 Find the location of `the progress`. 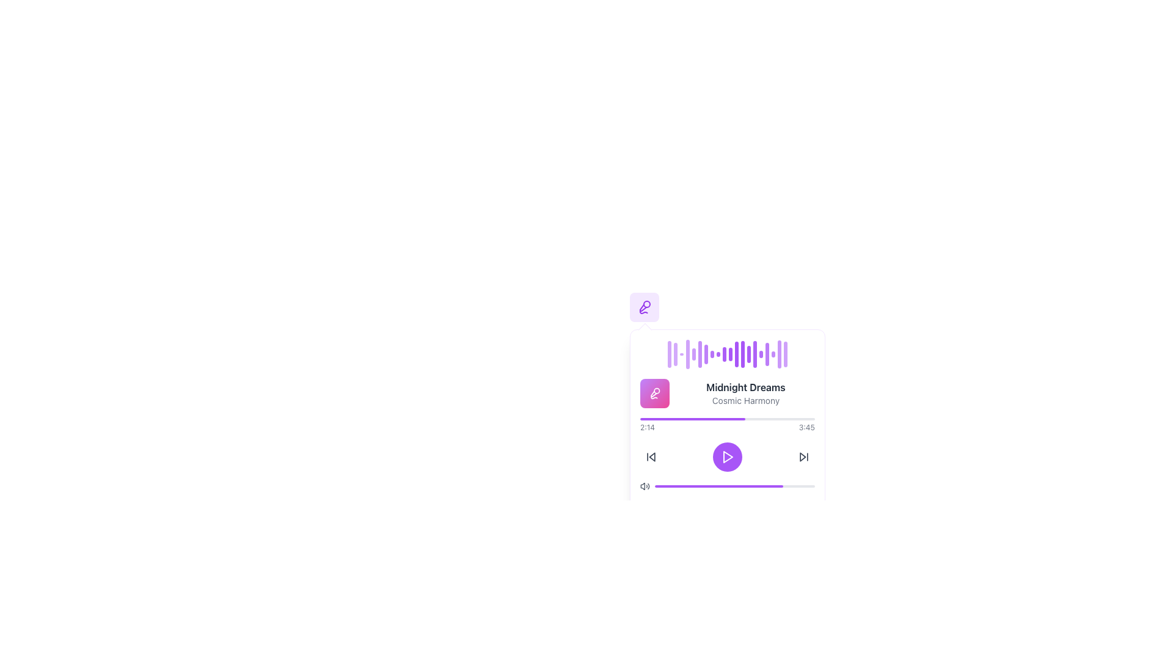

the progress is located at coordinates (690, 485).